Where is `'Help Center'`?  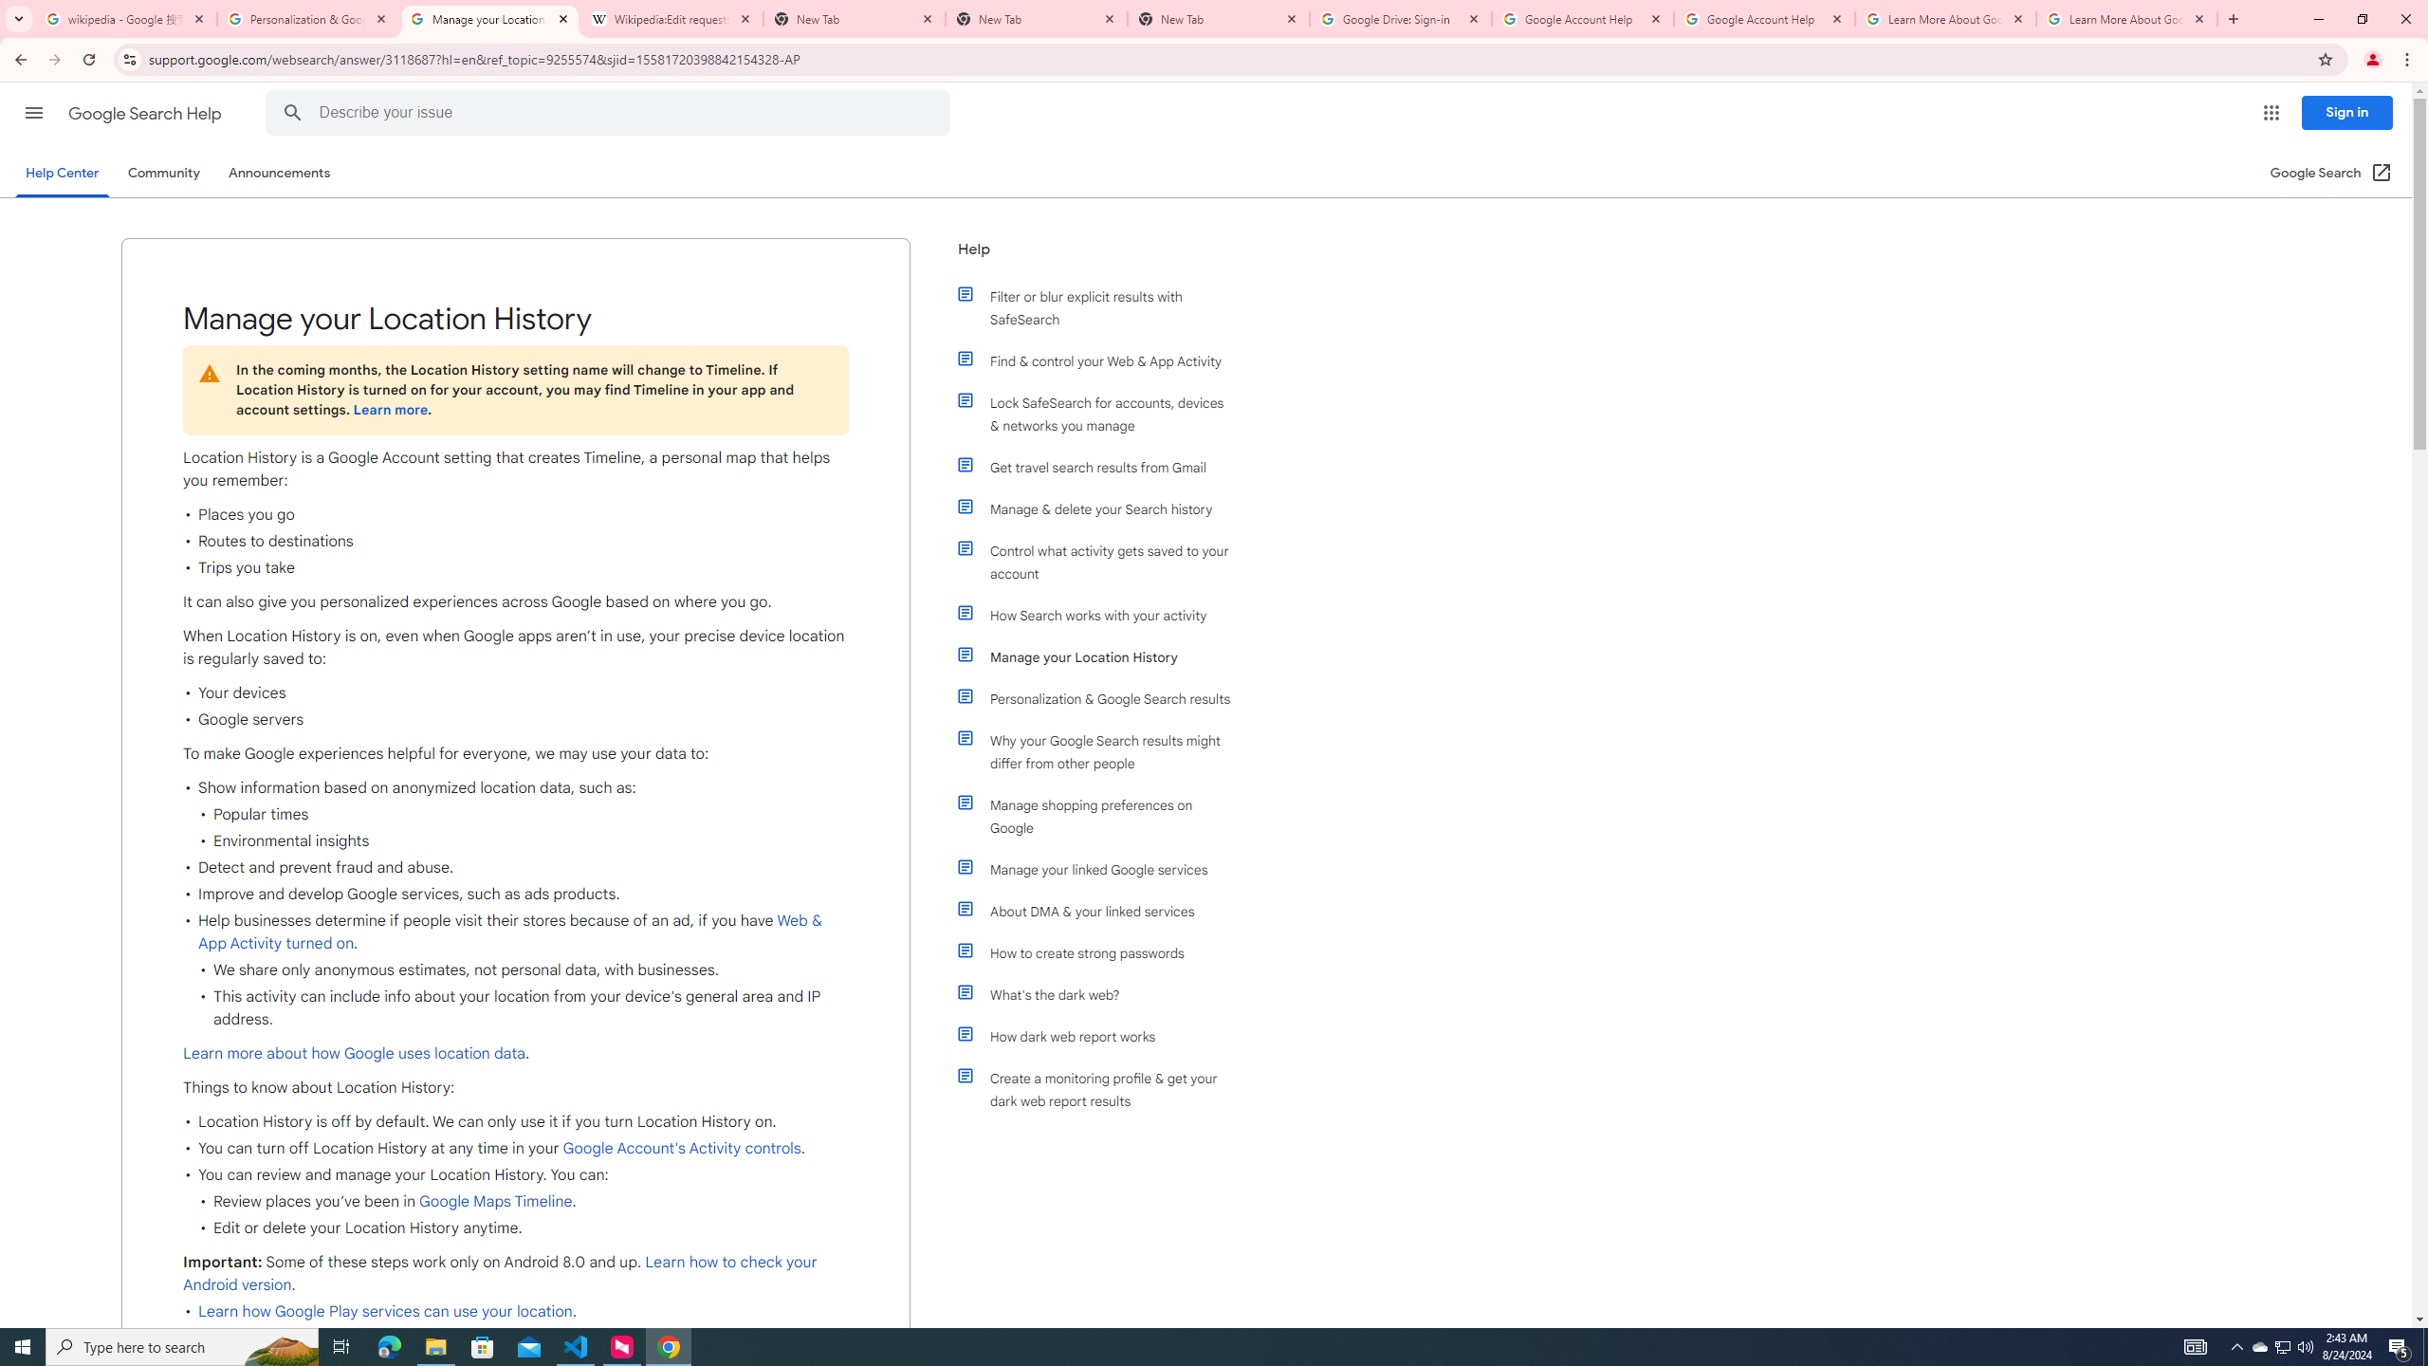 'Help Center' is located at coordinates (62, 172).